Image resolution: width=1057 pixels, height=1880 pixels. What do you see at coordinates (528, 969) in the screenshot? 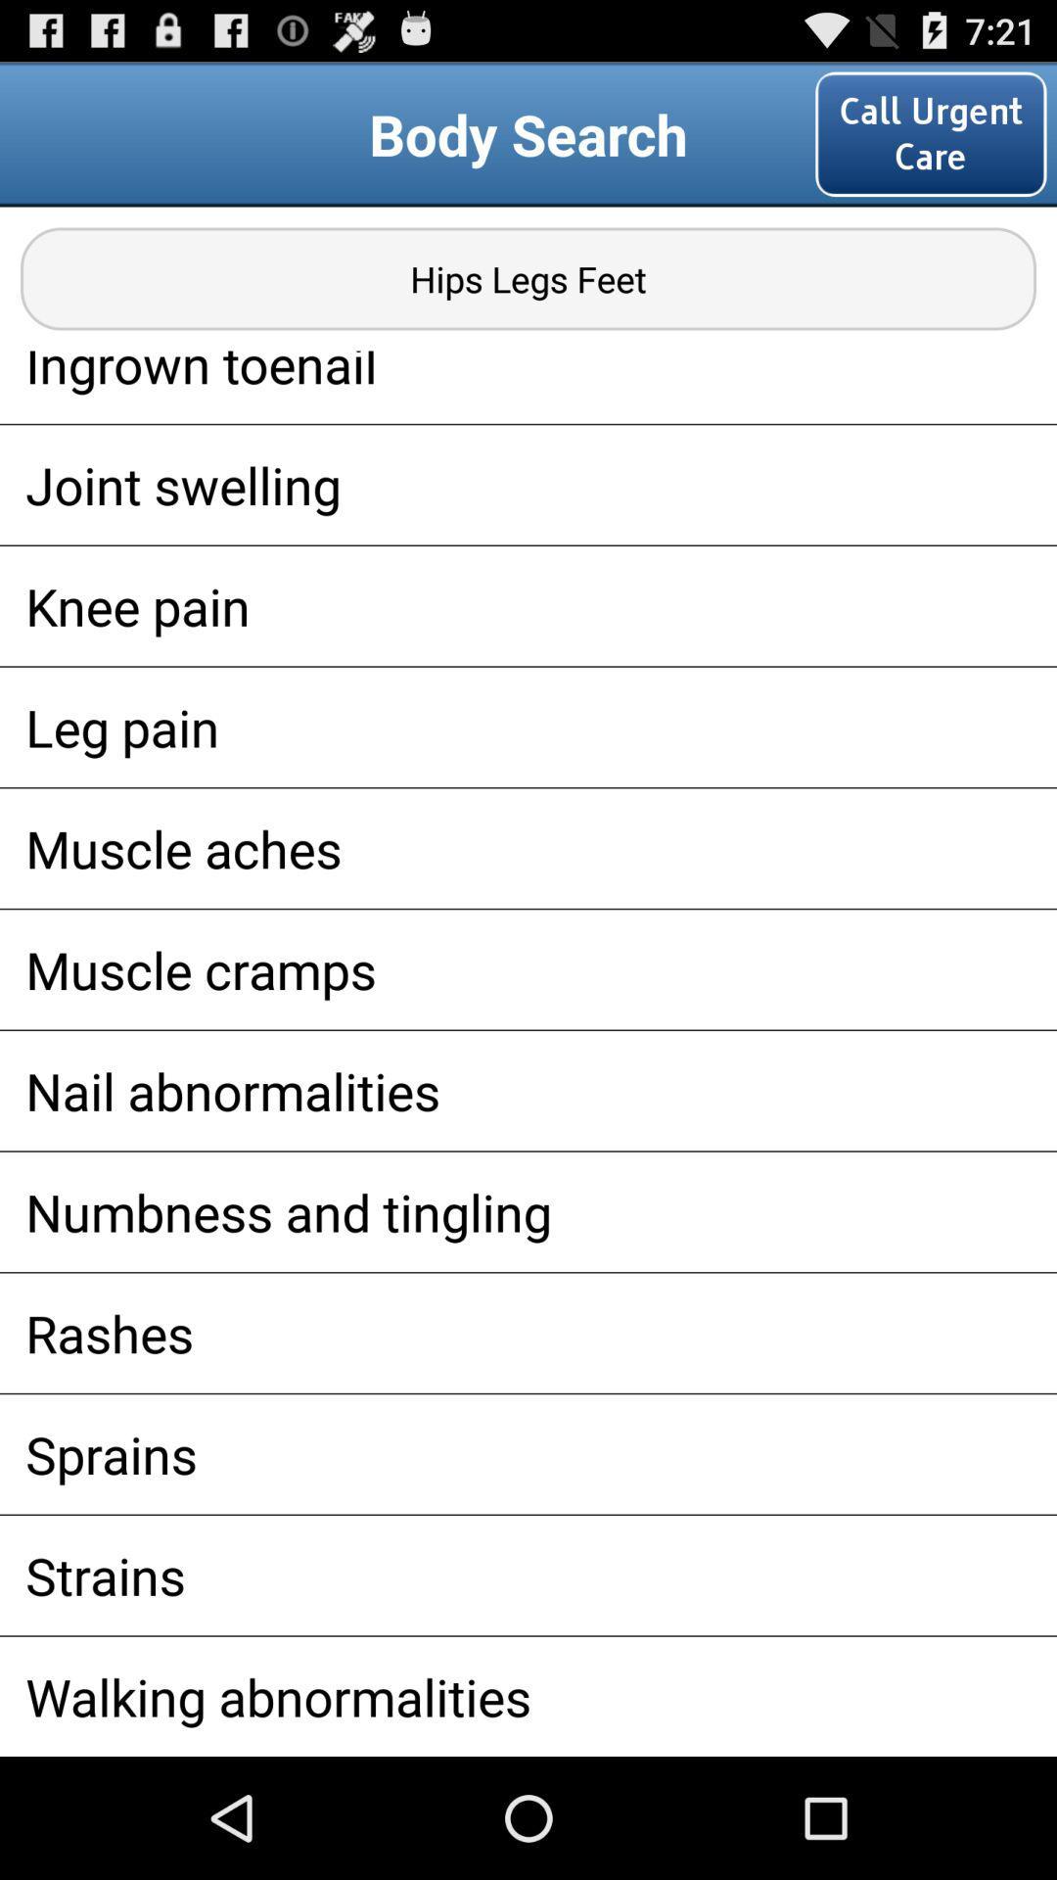
I see `the item below the muscle aches` at bounding box center [528, 969].